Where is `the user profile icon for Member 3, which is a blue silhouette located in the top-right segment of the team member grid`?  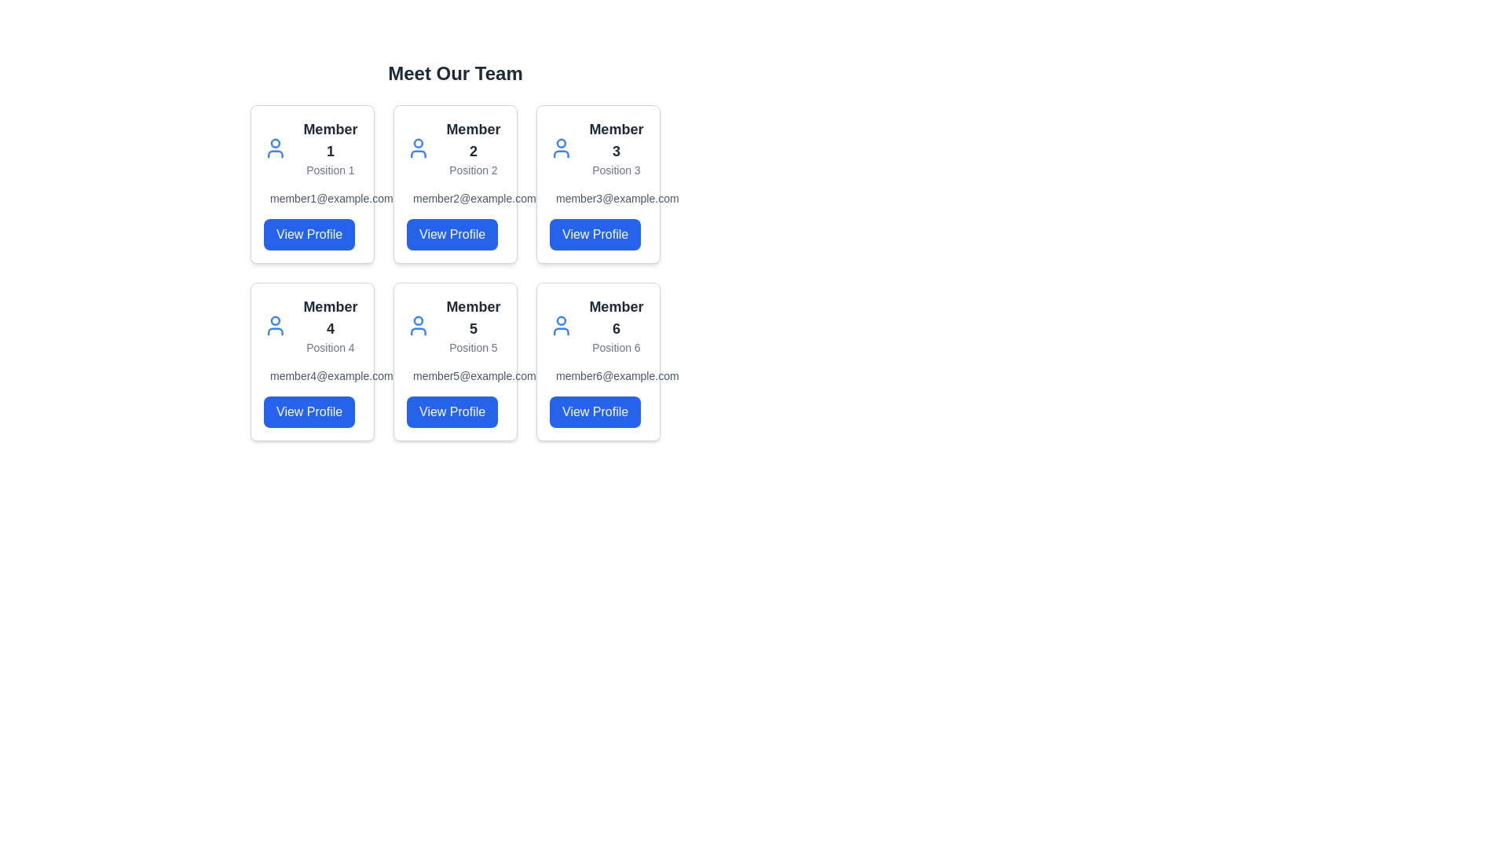 the user profile icon for Member 3, which is a blue silhouette located in the top-right segment of the team member grid is located at coordinates (561, 148).